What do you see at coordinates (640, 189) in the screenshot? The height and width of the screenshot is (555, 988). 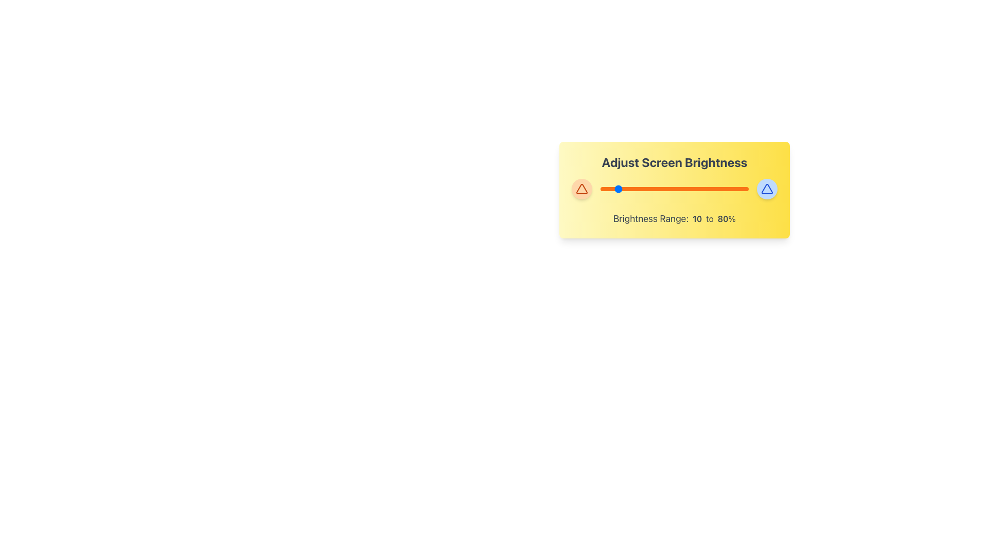 I see `the brightness level` at bounding box center [640, 189].